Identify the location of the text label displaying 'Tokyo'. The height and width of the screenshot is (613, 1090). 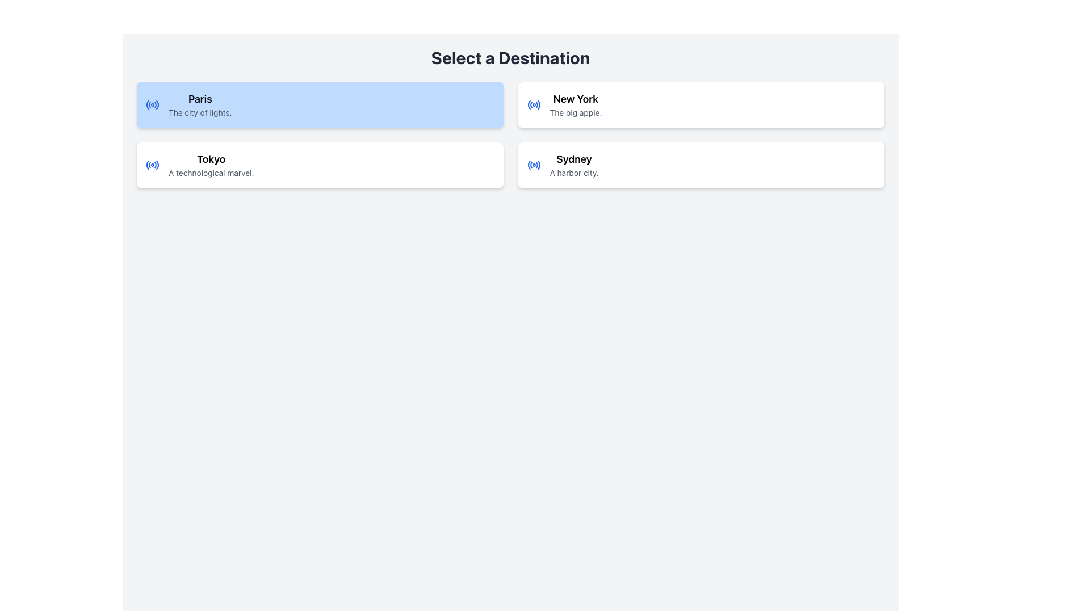
(211, 159).